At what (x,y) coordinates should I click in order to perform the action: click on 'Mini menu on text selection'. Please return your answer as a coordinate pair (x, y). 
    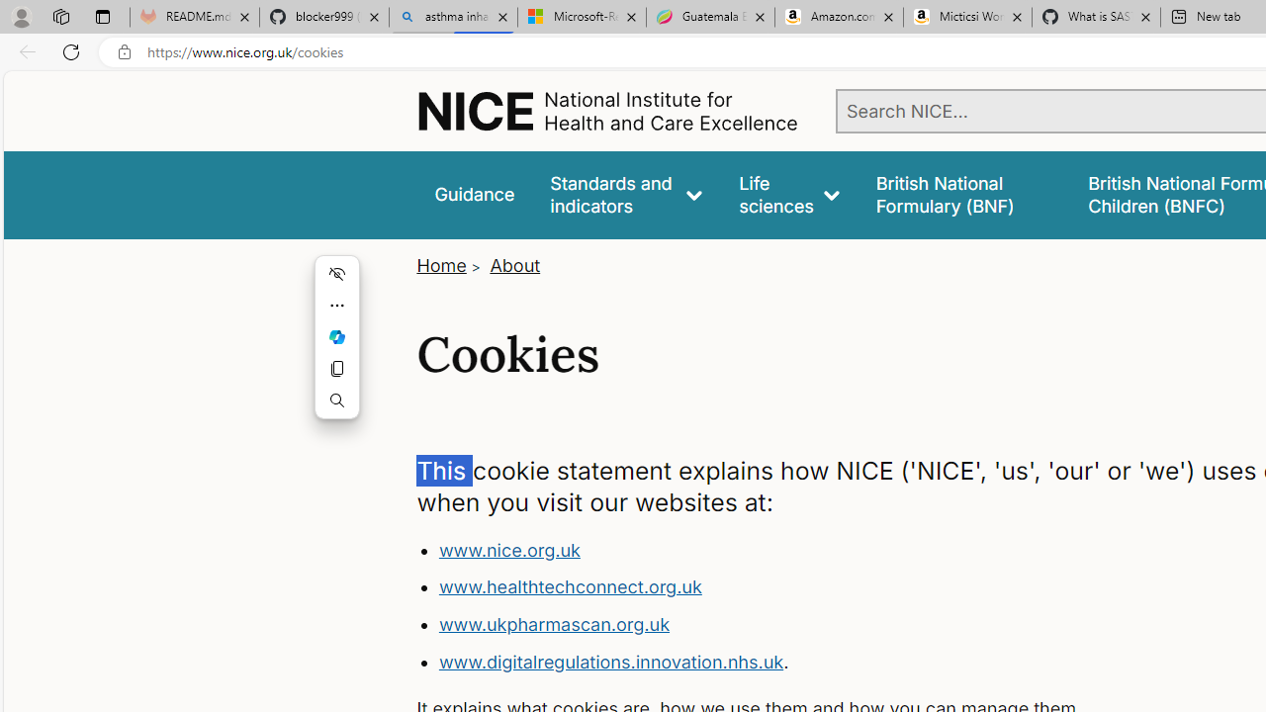
    Looking at the image, I should click on (337, 336).